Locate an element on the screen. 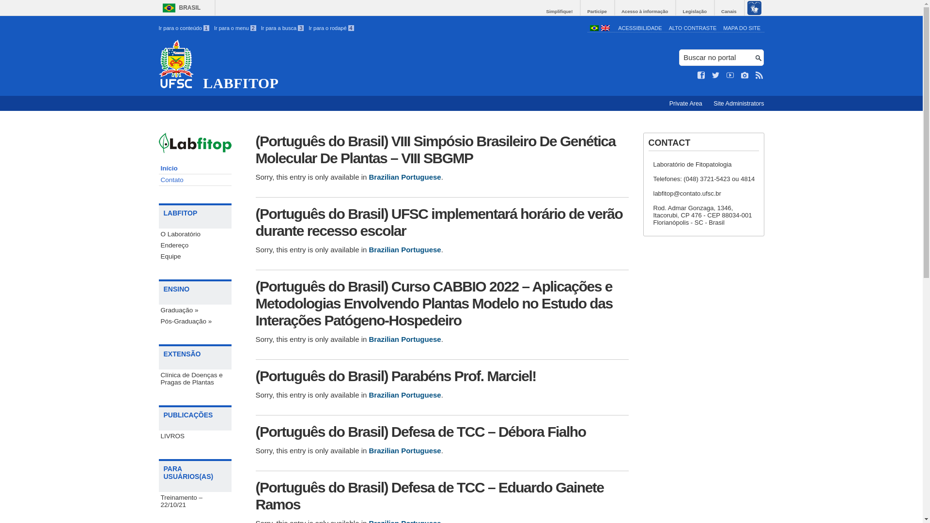 The image size is (930, 523). 'BRASIL' is located at coordinates (179, 8).